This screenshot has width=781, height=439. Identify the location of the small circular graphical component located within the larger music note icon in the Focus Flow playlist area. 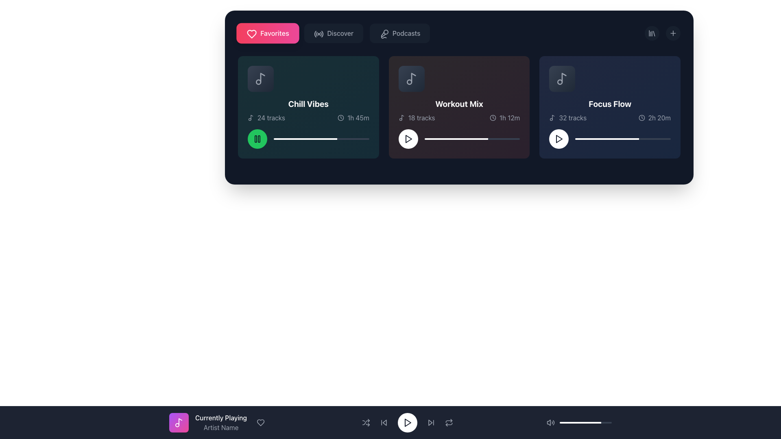
(560, 82).